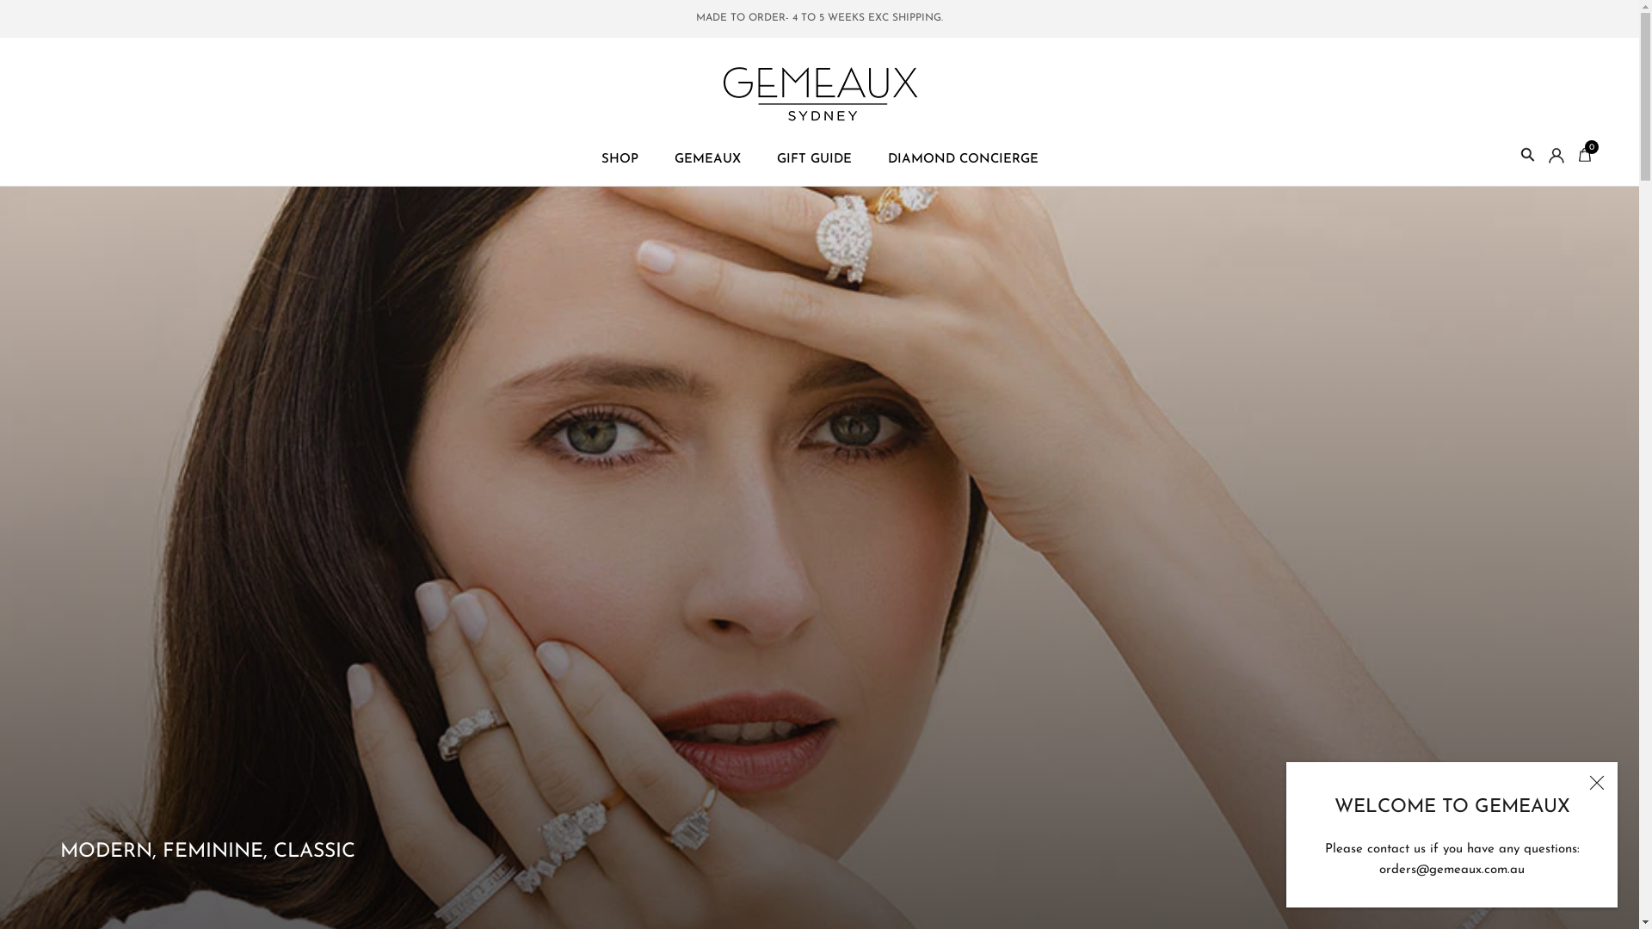 This screenshot has width=1652, height=929. What do you see at coordinates (812, 159) in the screenshot?
I see `'GIFT GUIDE` at bounding box center [812, 159].